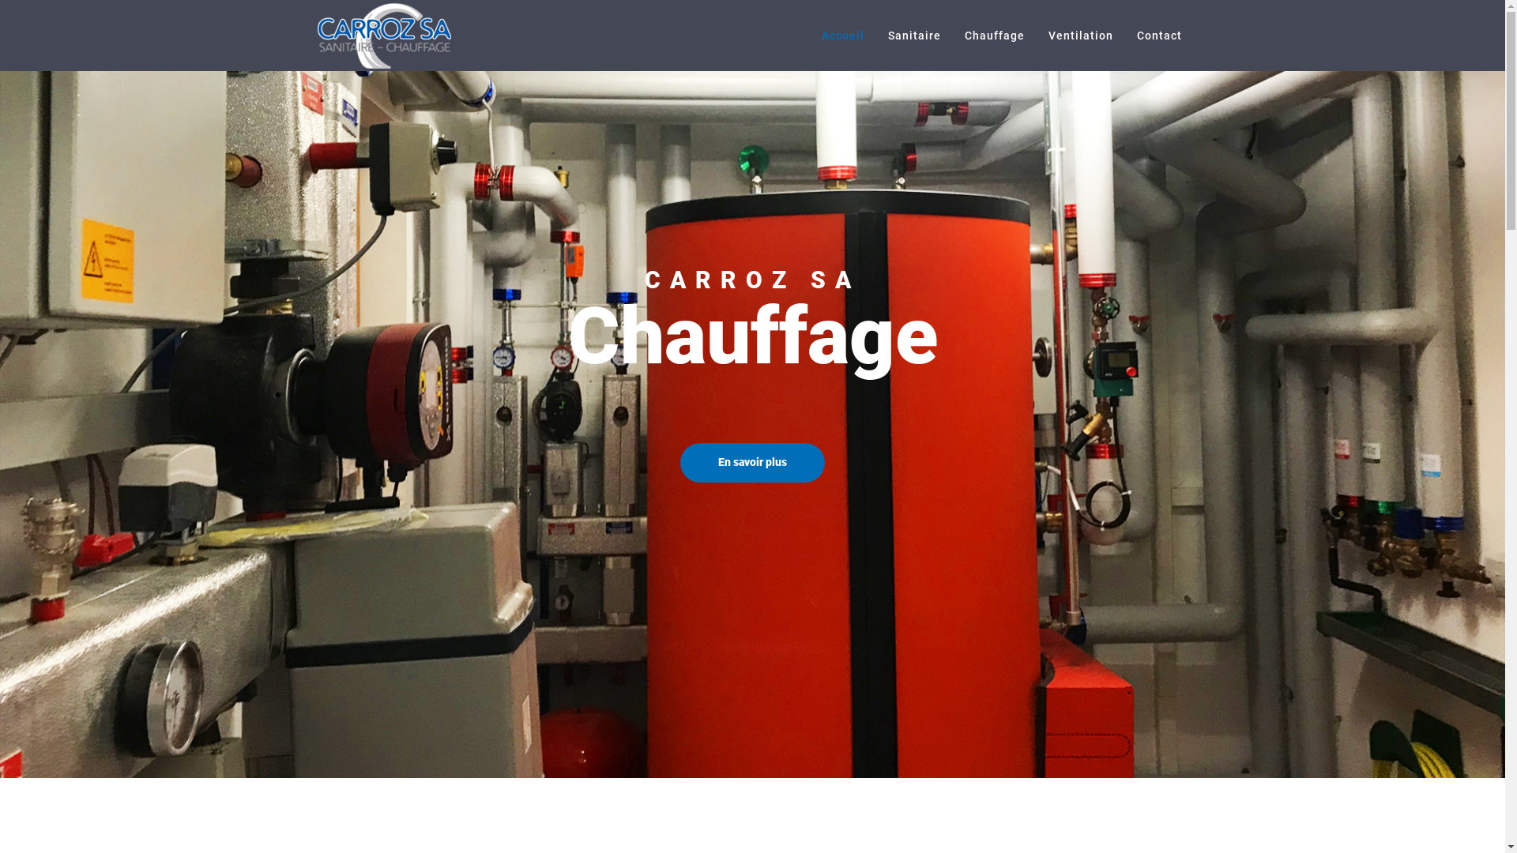 Image resolution: width=1517 pixels, height=853 pixels. What do you see at coordinates (751, 462) in the screenshot?
I see `'En savoir plus'` at bounding box center [751, 462].